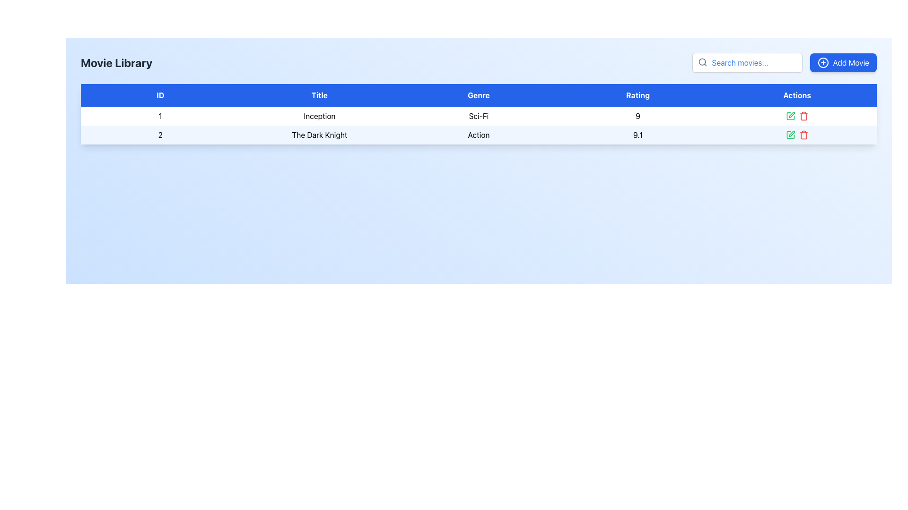 This screenshot has width=908, height=510. I want to click on the circular icon with a plus sign in the center, located to the left of the 'Add Movie' button, to initiate the addition of a new movie, so click(823, 62).